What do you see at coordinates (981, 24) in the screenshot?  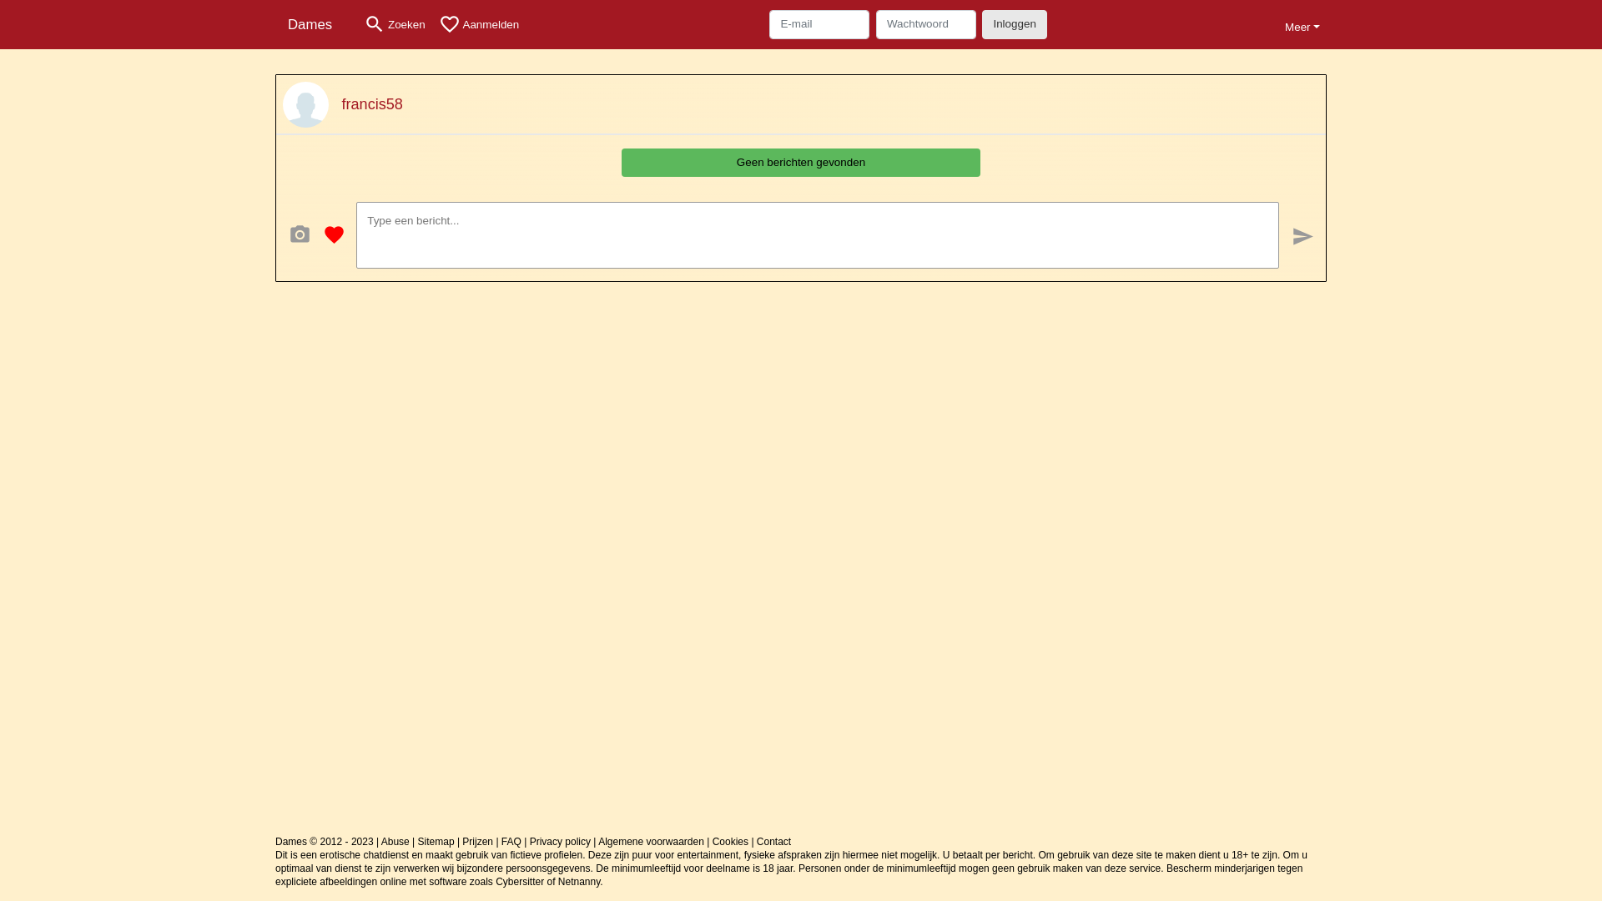 I see `'Inloggen'` at bounding box center [981, 24].